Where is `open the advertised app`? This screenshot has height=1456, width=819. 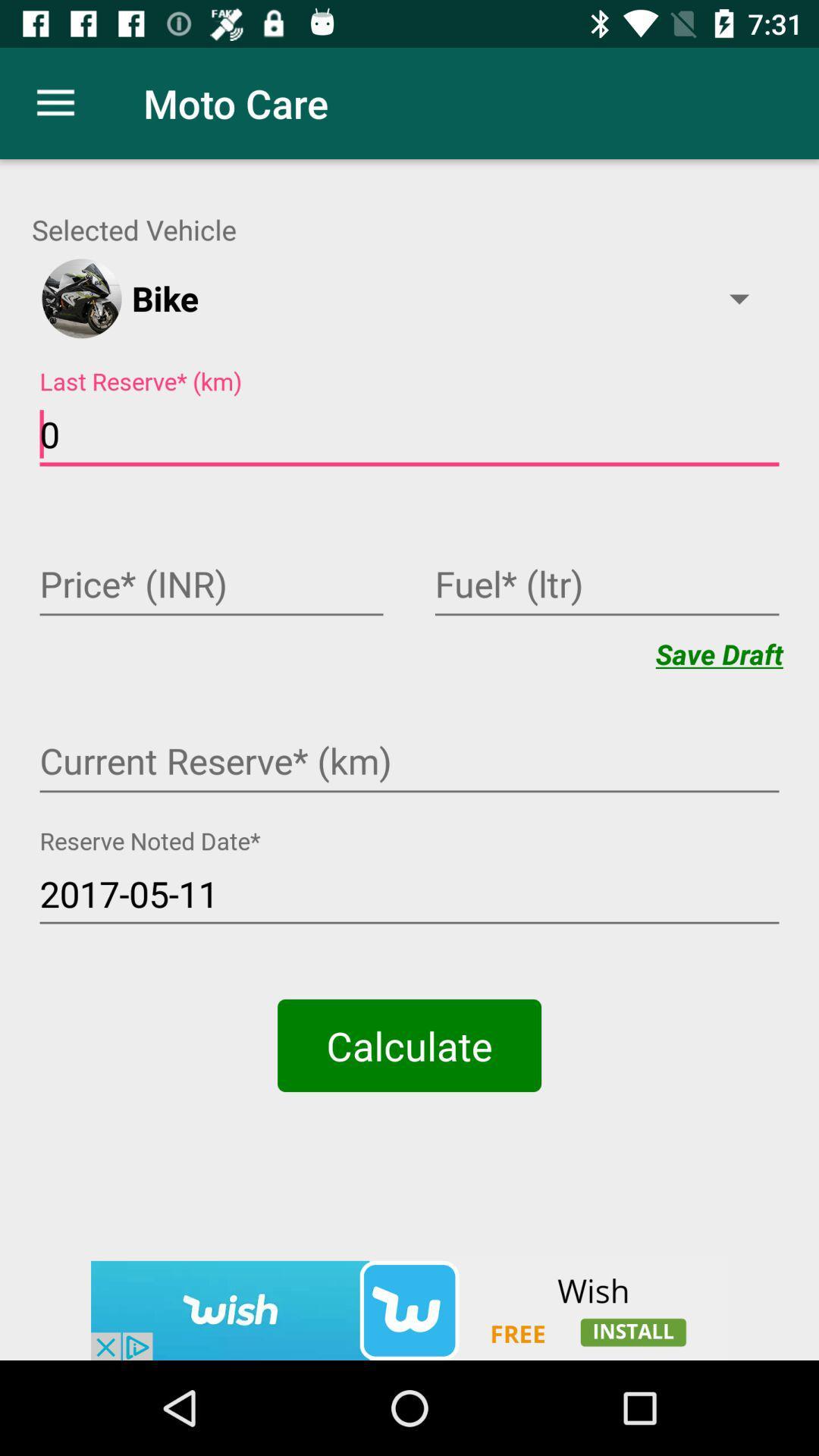 open the advertised app is located at coordinates (409, 1310).